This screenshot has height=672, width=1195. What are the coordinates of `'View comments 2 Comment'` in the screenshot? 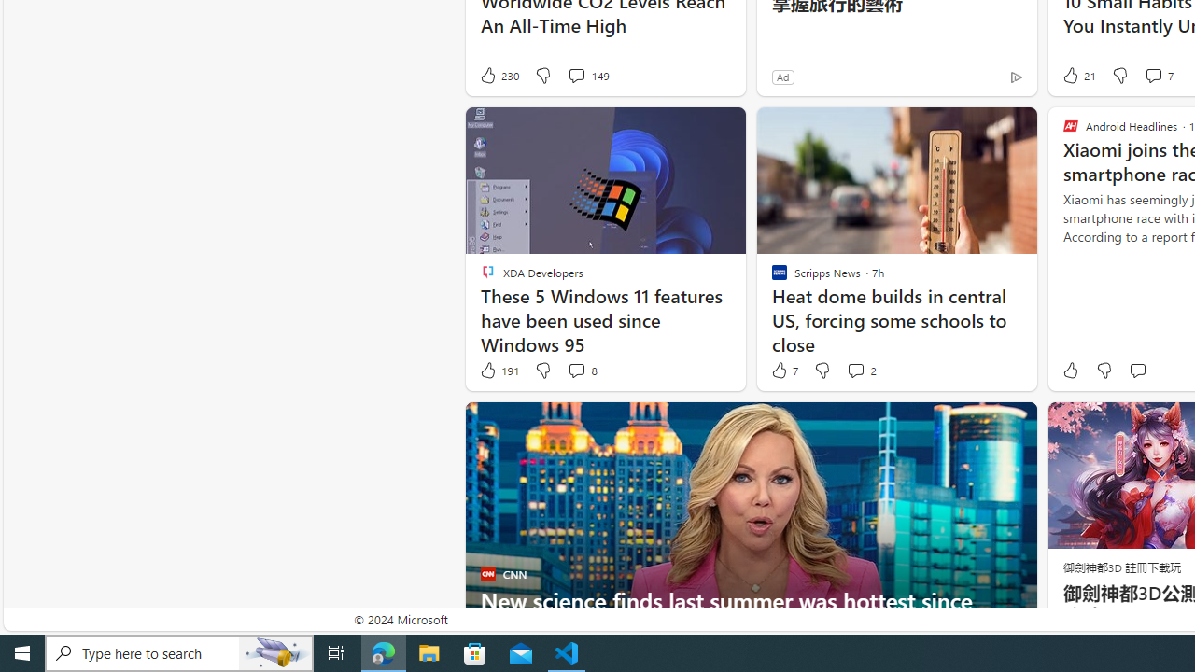 It's located at (854, 371).